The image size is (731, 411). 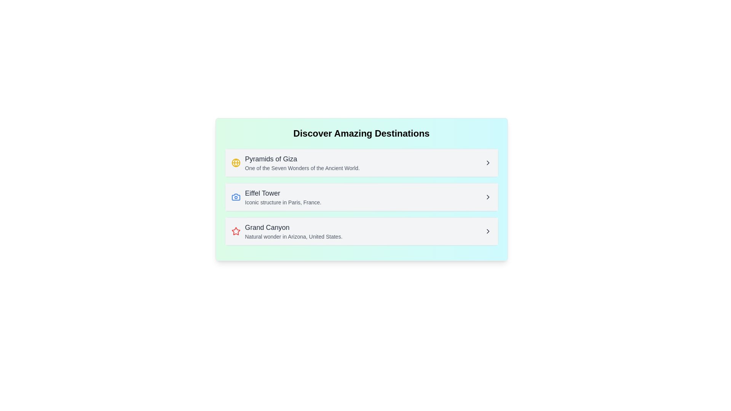 What do you see at coordinates (488, 162) in the screenshot?
I see `the right-pointing chevron icon, which is styled in dark gray and indicates navigation or expansion, located at the far-right end of the row titled 'Pyramids of Giza'` at bounding box center [488, 162].